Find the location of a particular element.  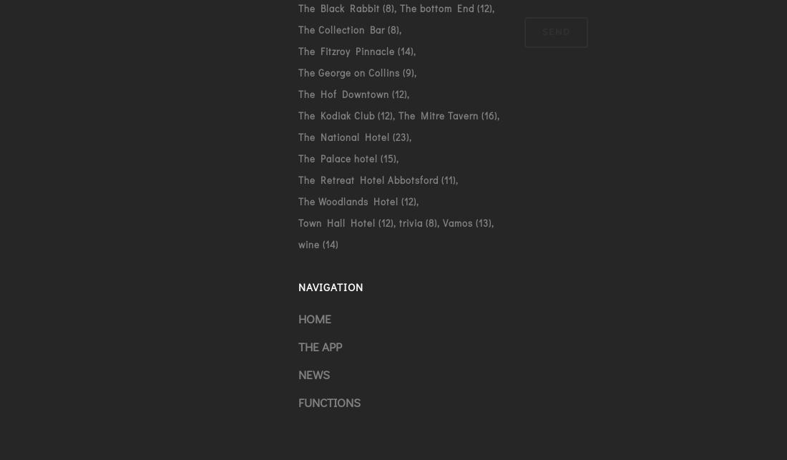

'(15)' is located at coordinates (386, 157).